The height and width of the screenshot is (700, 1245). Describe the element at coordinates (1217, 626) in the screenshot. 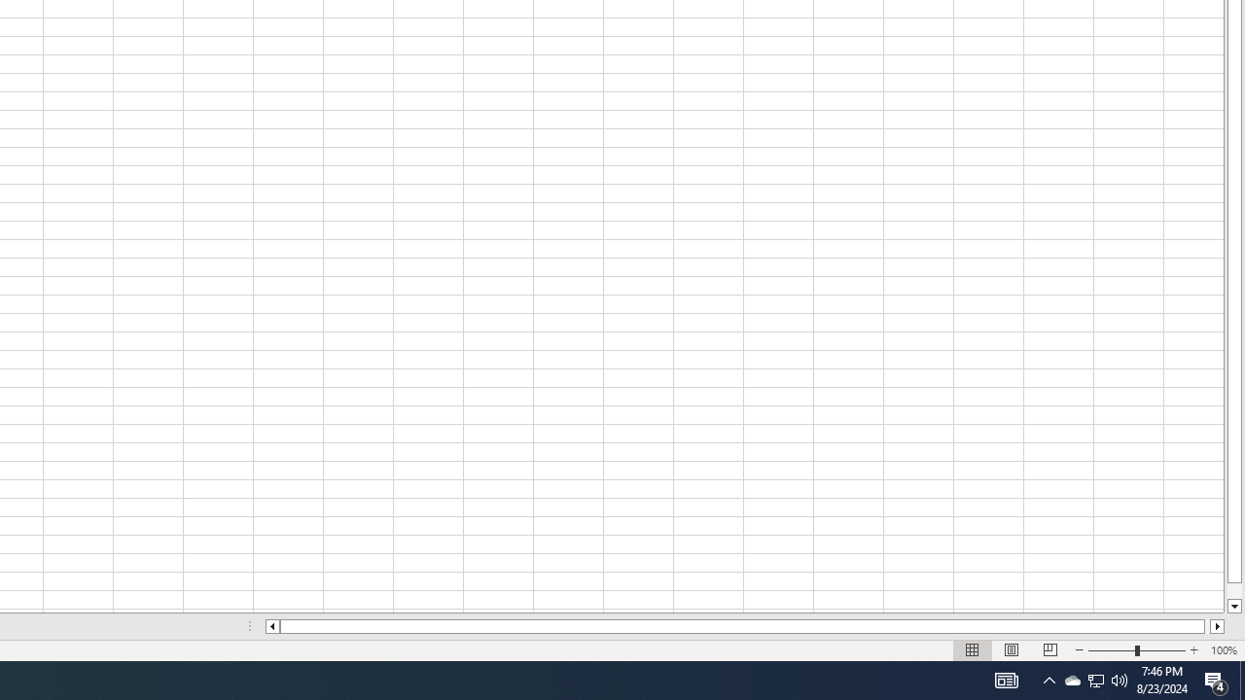

I see `'Column right'` at that location.